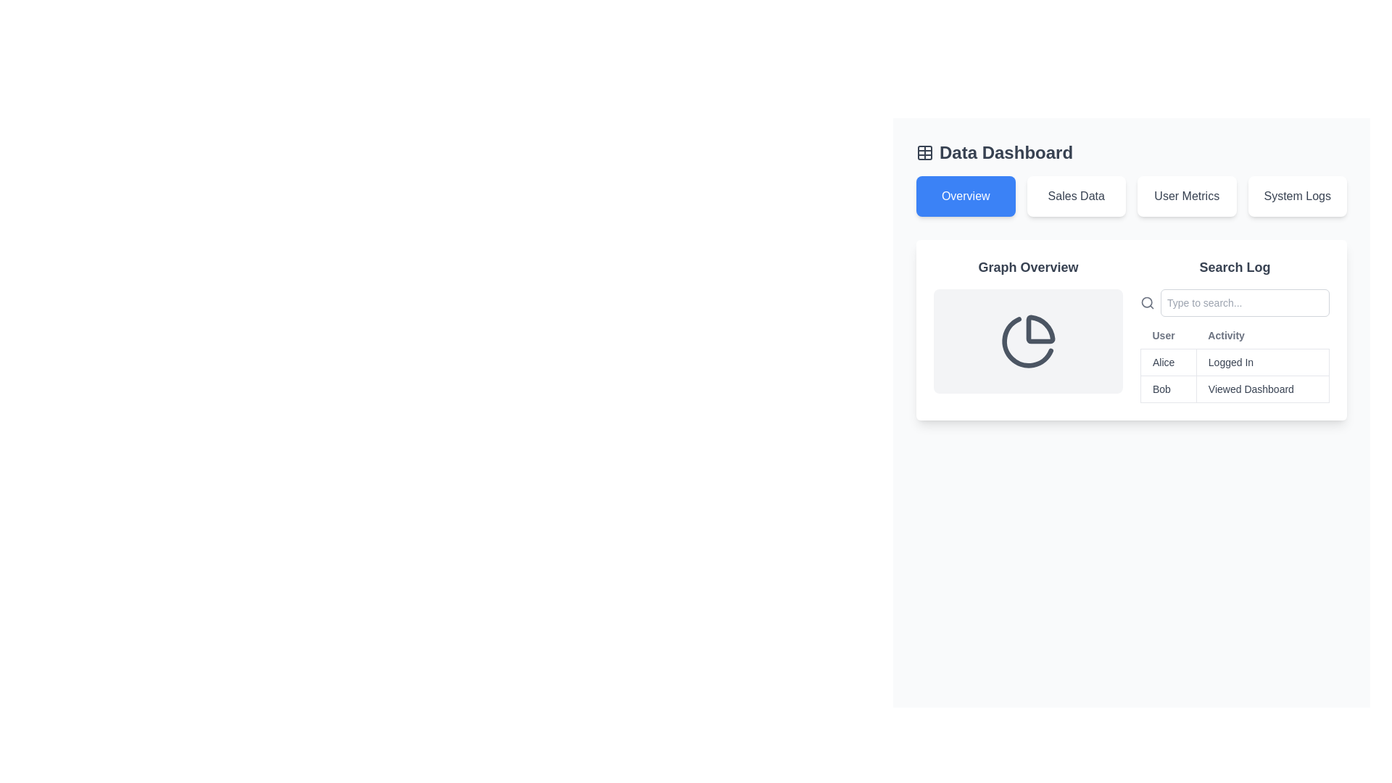 The width and height of the screenshot is (1392, 783). Describe the element at coordinates (1187, 196) in the screenshot. I see `the 'User Metrics' button, the third button in the grid layout, to observe visual feedback` at that location.